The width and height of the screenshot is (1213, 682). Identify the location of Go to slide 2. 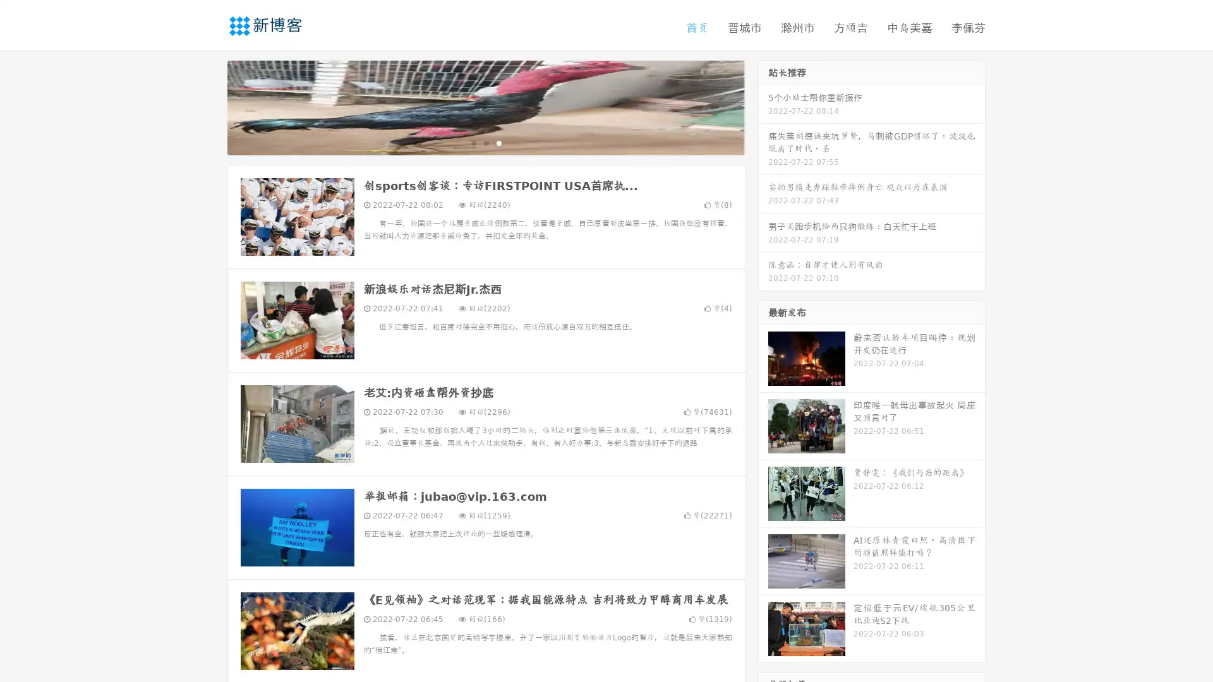
(485, 142).